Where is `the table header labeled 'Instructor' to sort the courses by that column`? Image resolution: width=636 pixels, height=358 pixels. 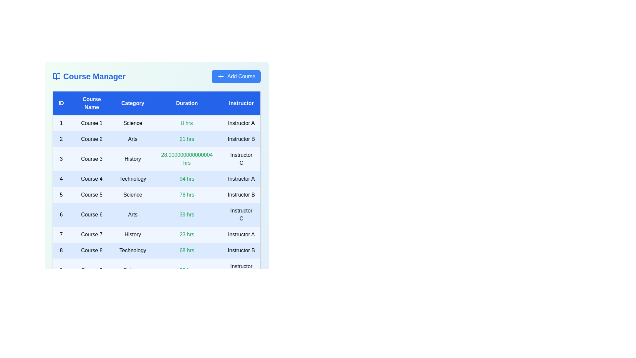
the table header labeled 'Instructor' to sort the courses by that column is located at coordinates (241, 103).